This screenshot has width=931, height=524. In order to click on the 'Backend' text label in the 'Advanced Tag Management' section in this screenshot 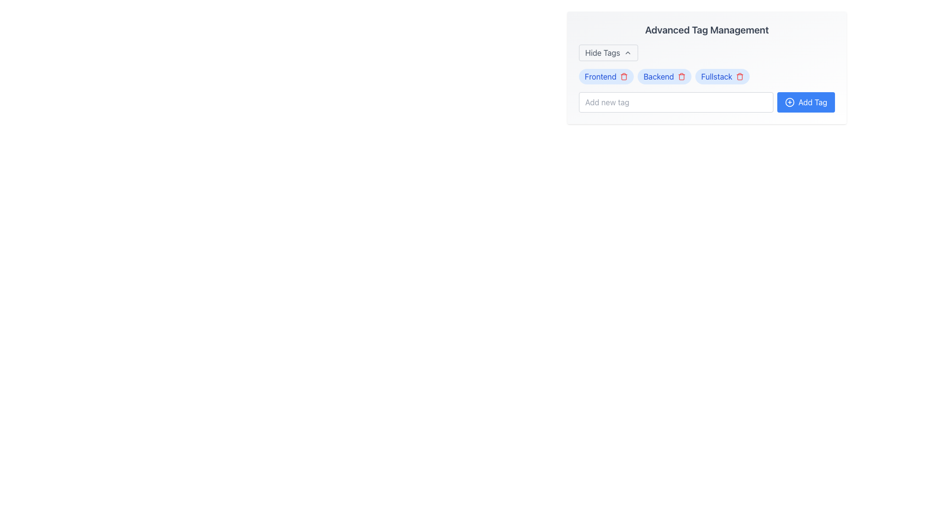, I will do `click(658, 76)`.